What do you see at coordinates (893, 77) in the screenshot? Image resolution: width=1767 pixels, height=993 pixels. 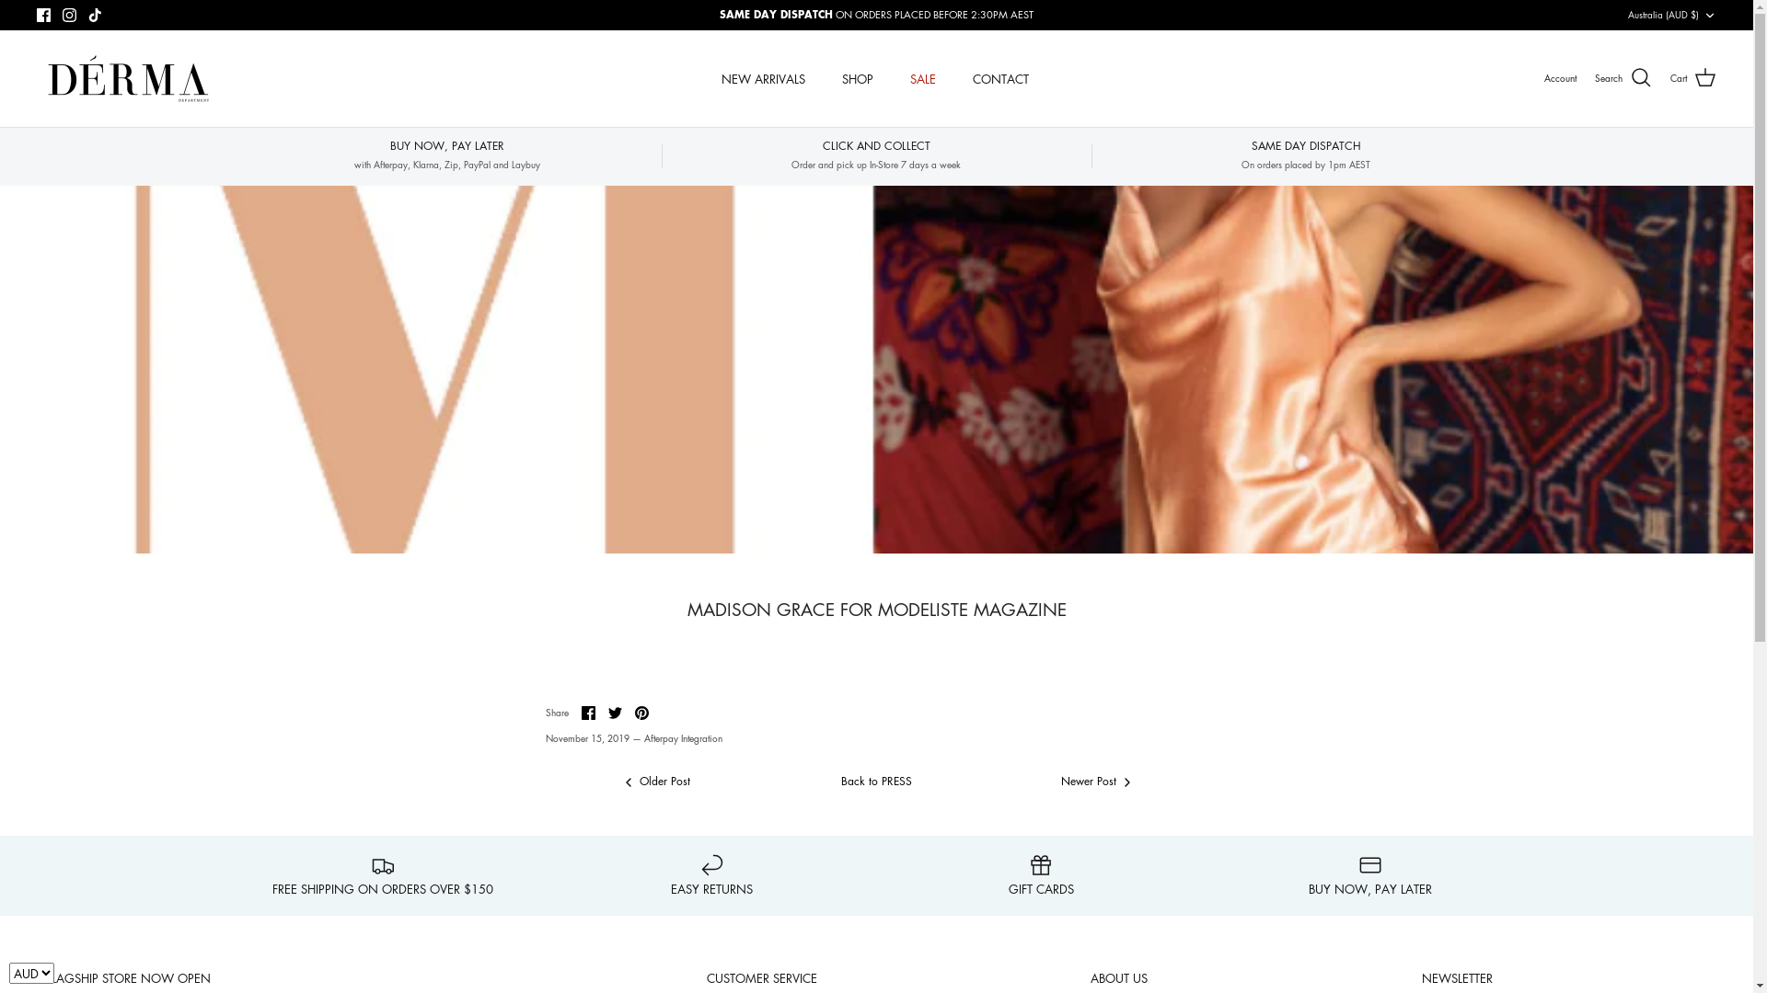 I see `'SALE'` at bounding box center [893, 77].